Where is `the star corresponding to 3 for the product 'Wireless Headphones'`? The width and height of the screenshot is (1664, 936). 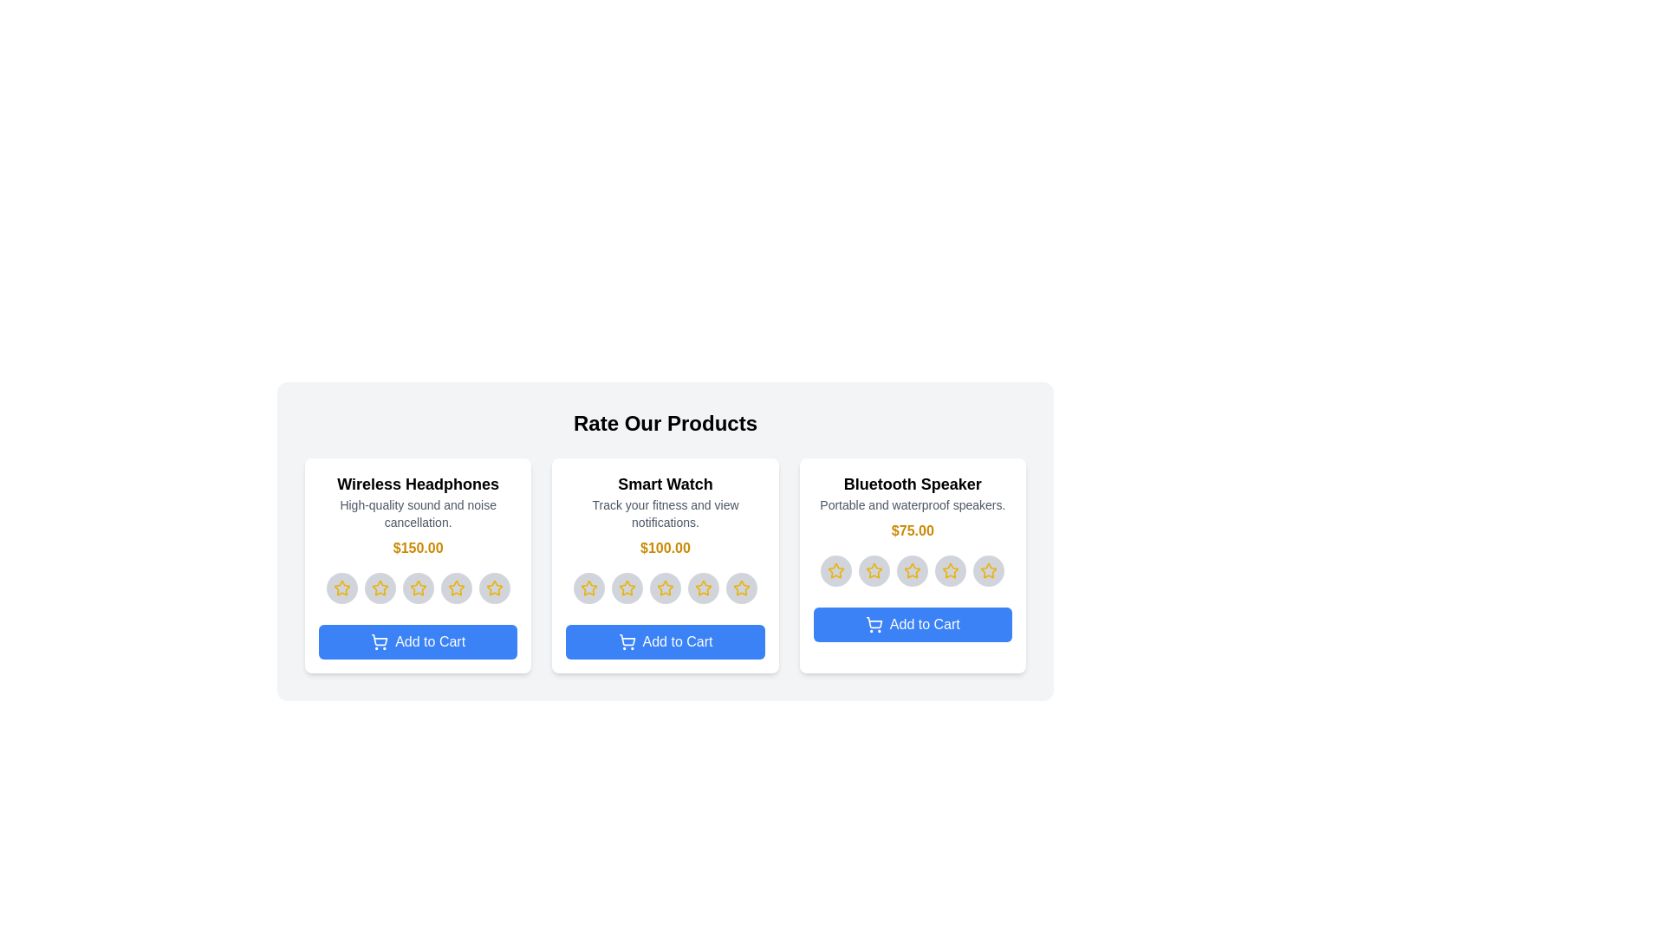
the star corresponding to 3 for the product 'Wireless Headphones' is located at coordinates (418, 587).